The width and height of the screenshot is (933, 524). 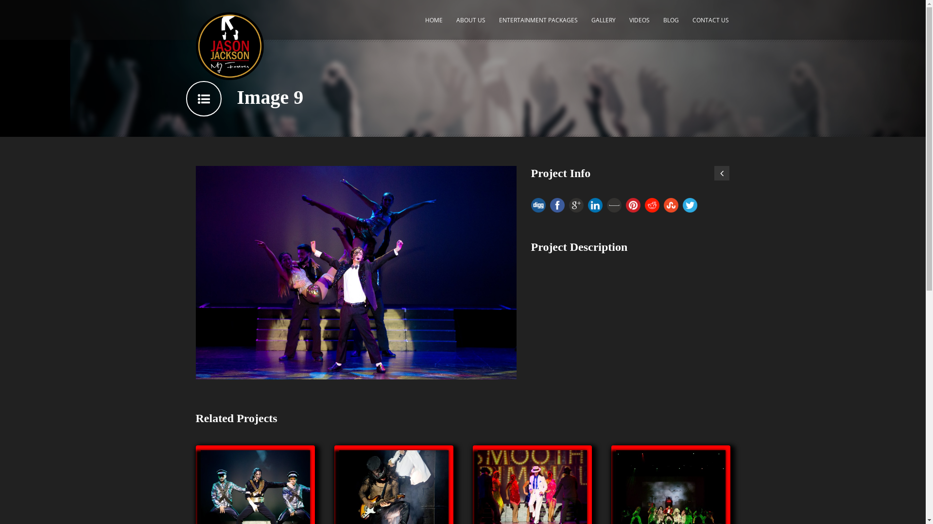 I want to click on 'CONTACT US', so click(x=710, y=24).